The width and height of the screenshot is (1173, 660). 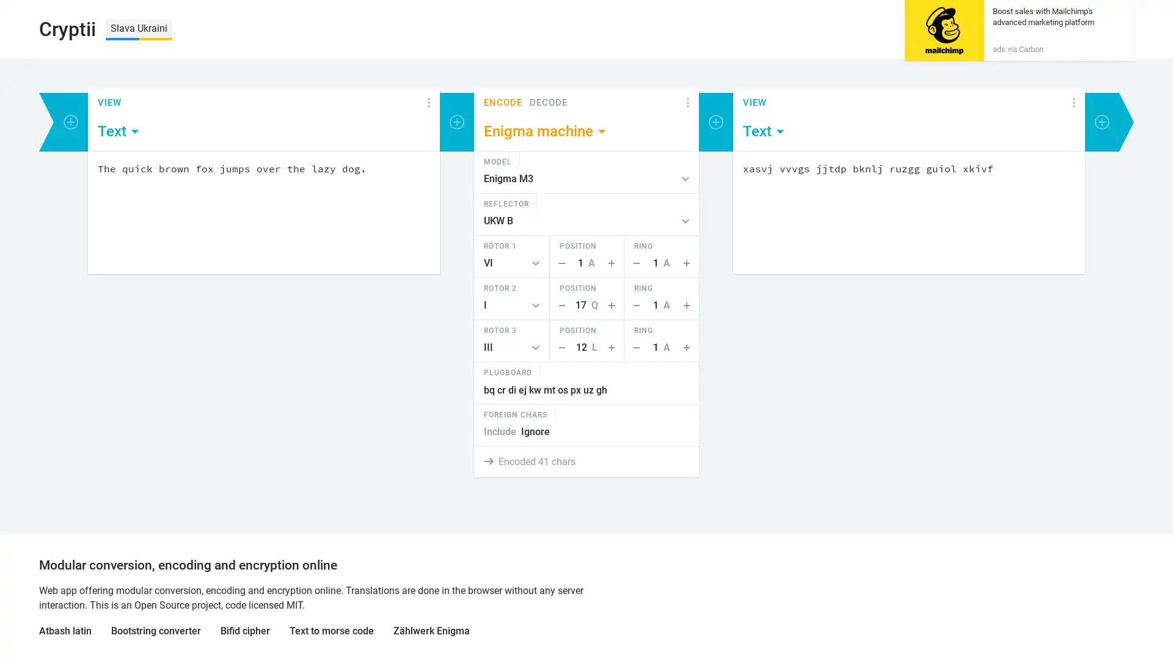 What do you see at coordinates (613, 263) in the screenshot?
I see `Step Up` at bounding box center [613, 263].